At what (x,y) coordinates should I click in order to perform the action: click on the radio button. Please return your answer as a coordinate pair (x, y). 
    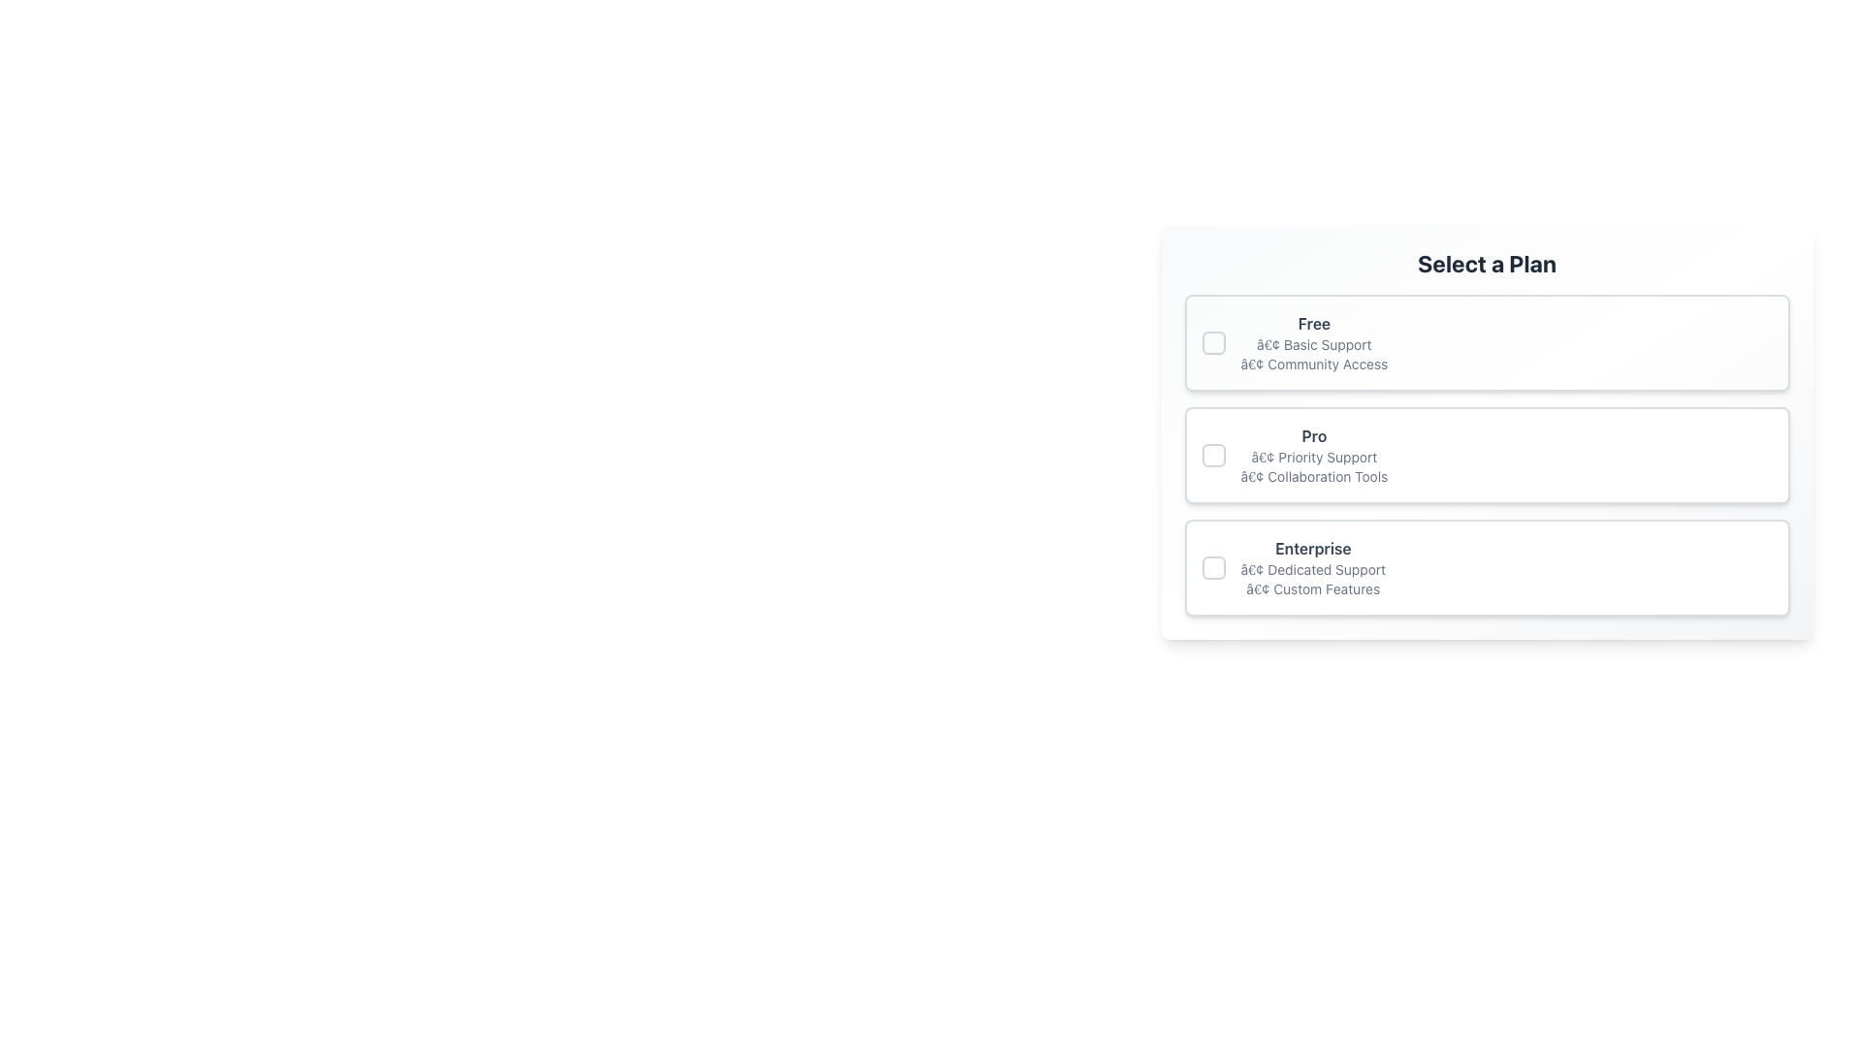
    Looking at the image, I should click on (1212, 342).